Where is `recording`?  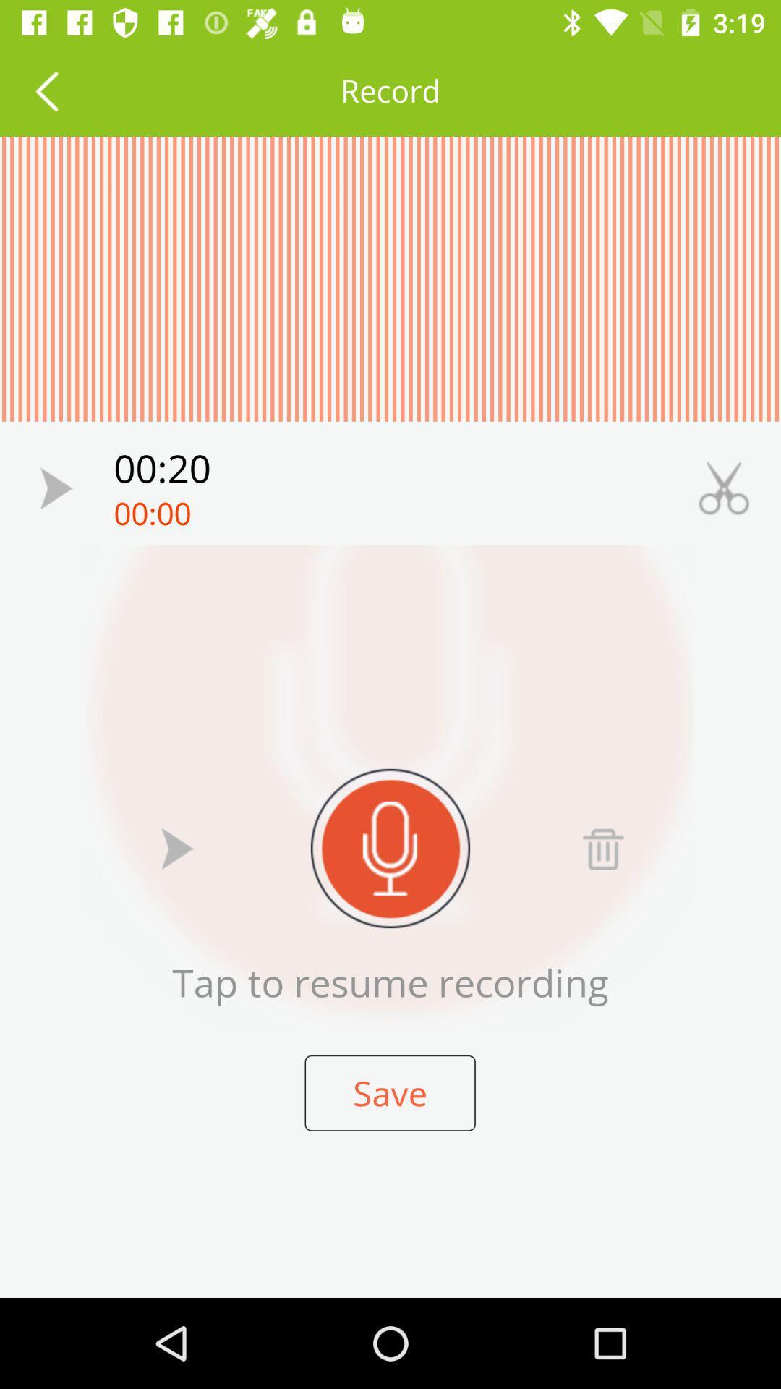
recording is located at coordinates (56, 488).